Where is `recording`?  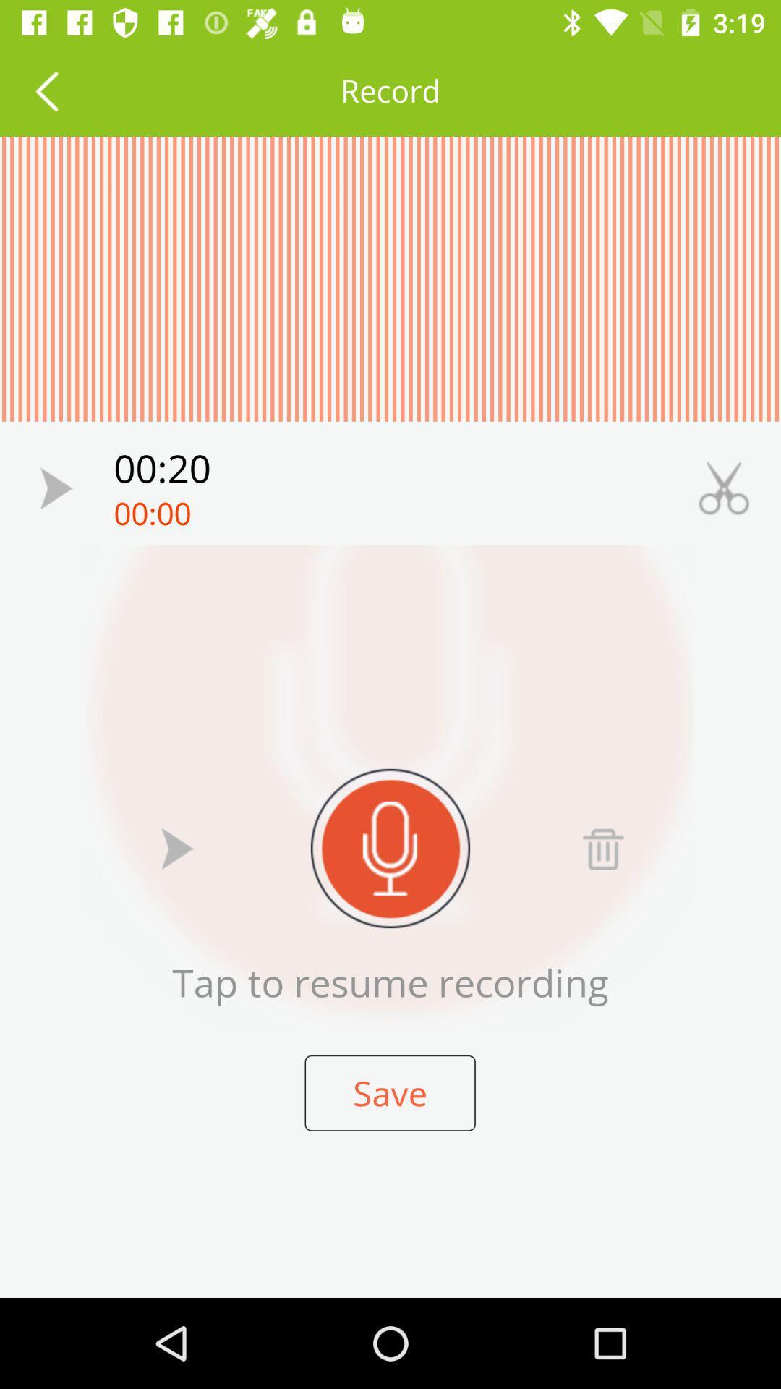
recording is located at coordinates (56, 488).